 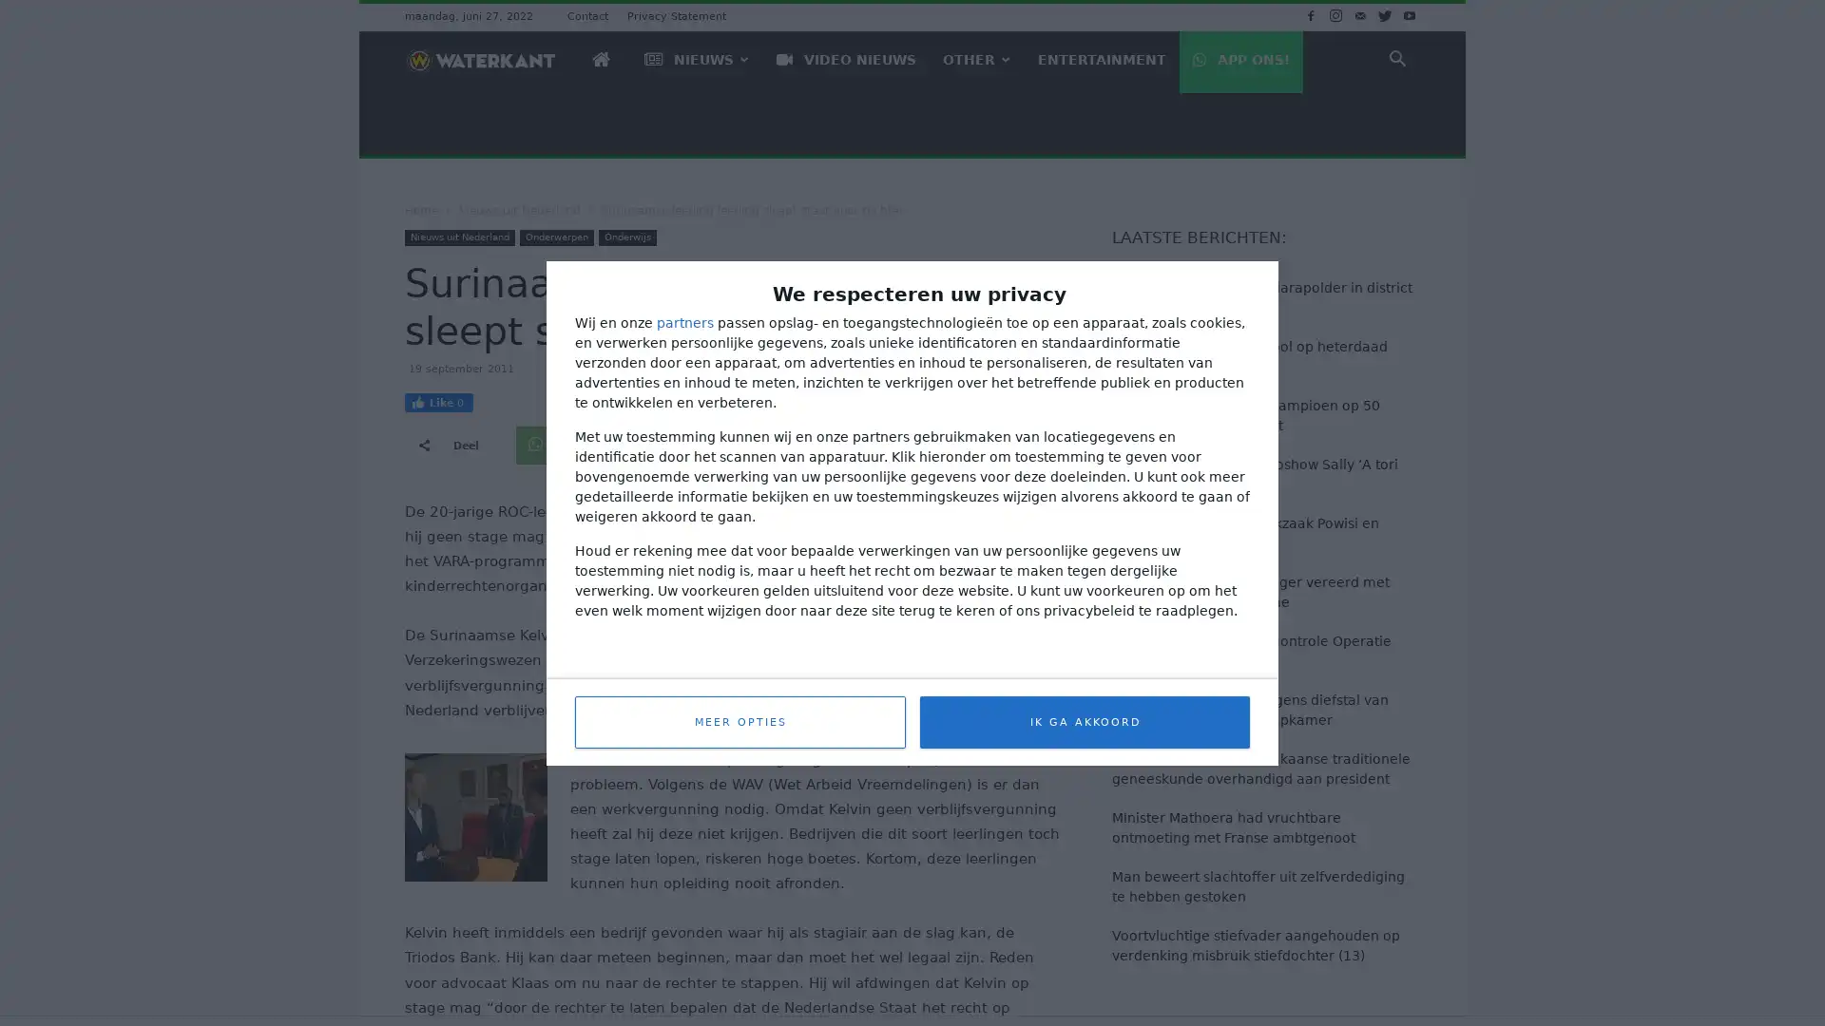 I want to click on partners, so click(x=684, y=321).